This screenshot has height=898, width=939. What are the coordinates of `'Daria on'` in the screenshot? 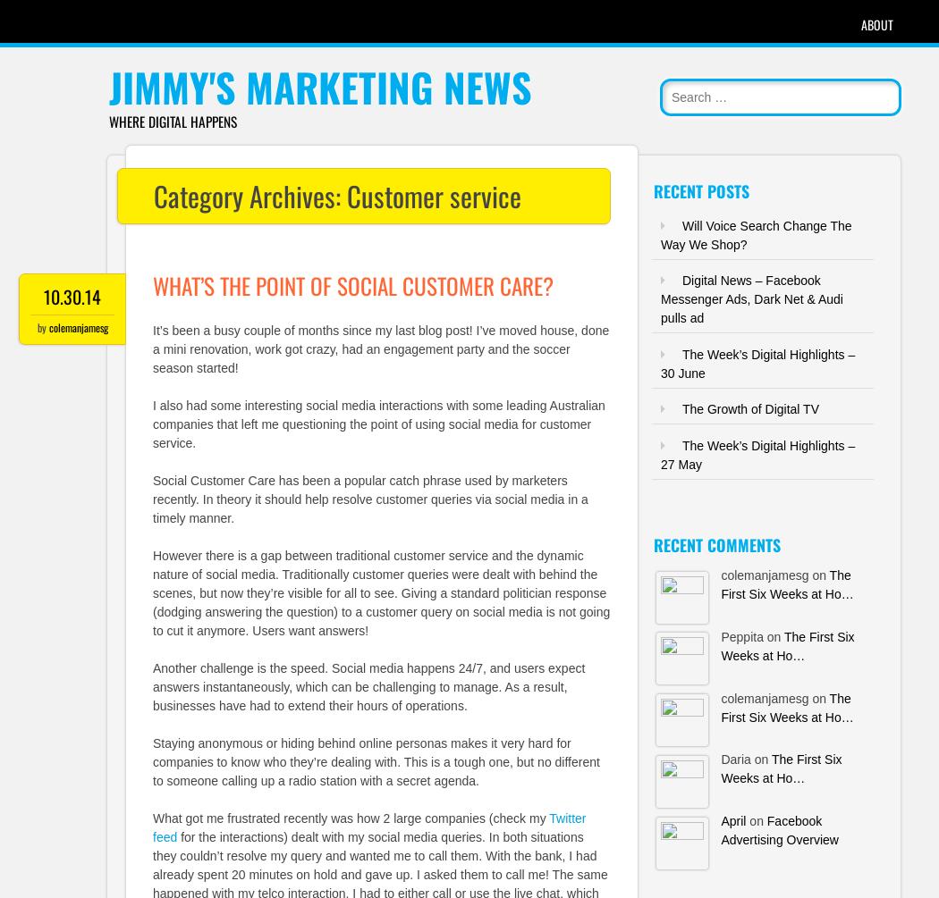 It's located at (746, 759).